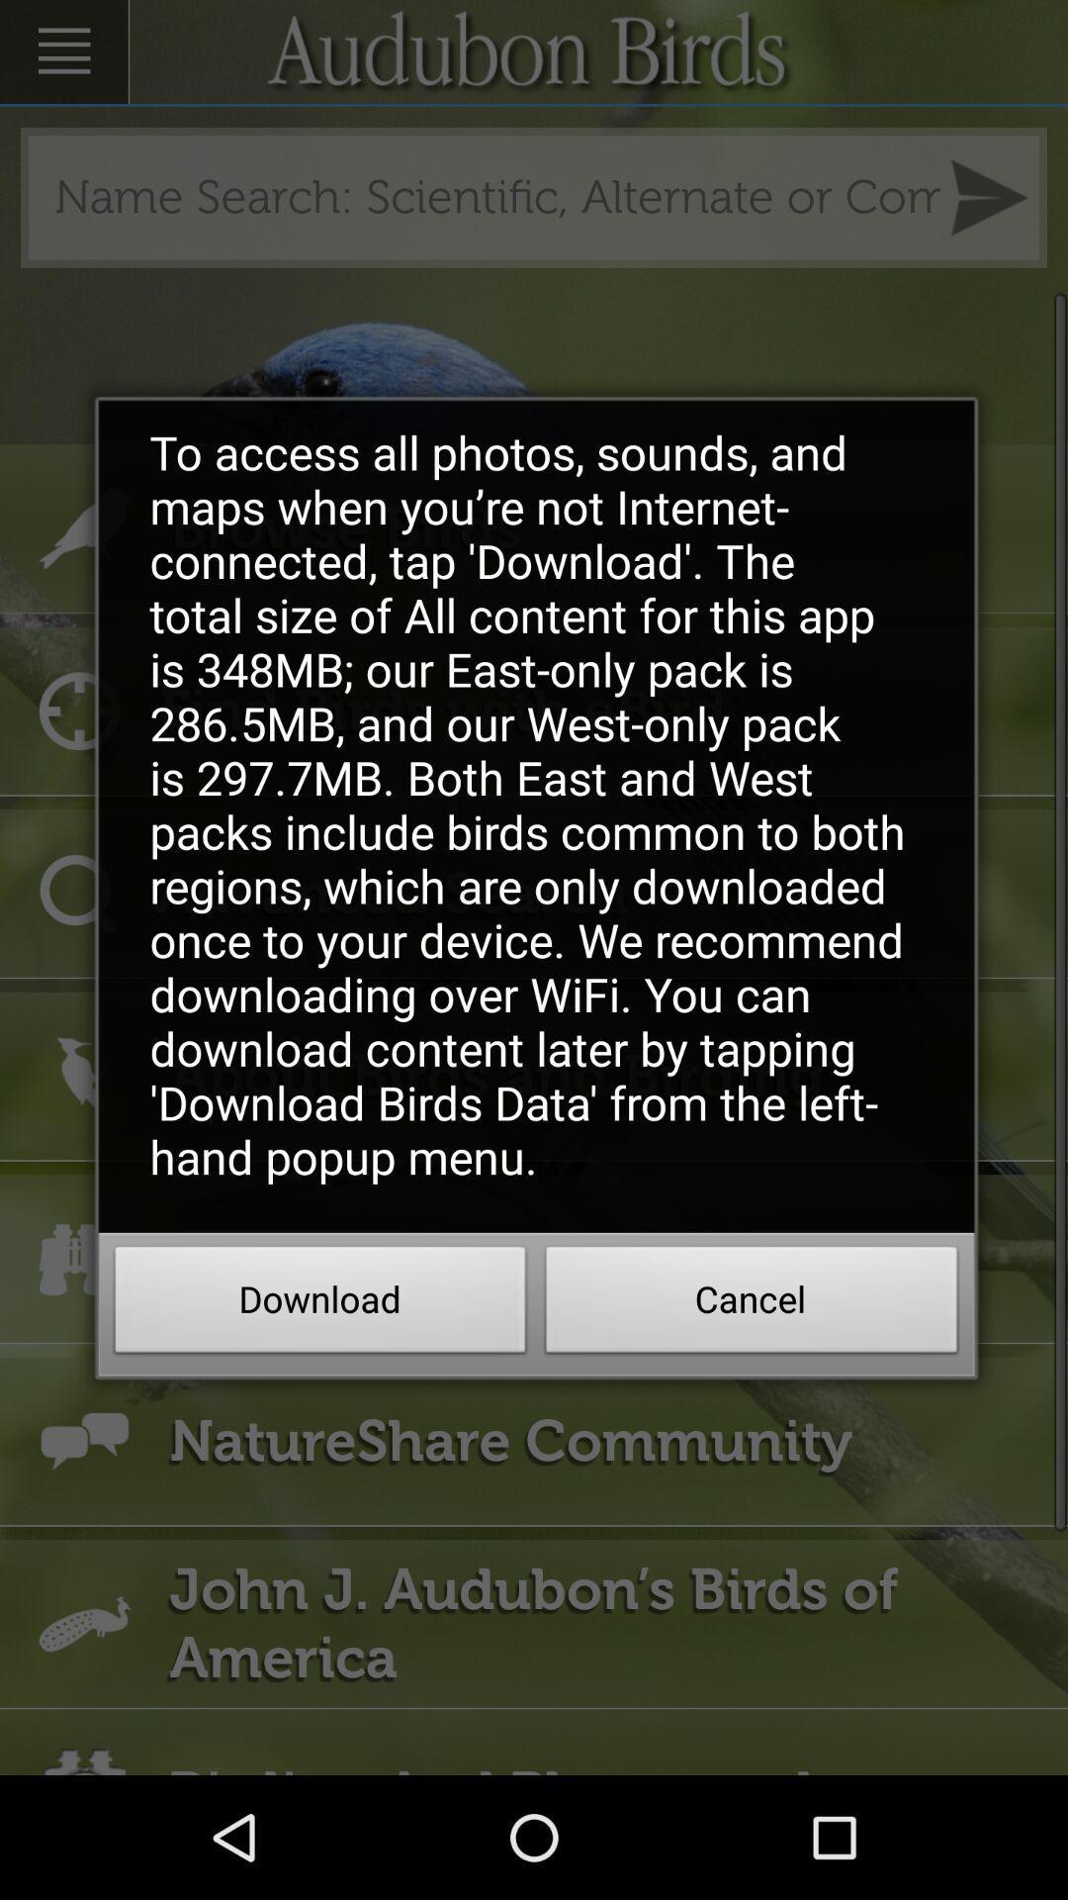 This screenshot has height=1900, width=1068. I want to click on the icon at left side of natureshare community, so click(83, 1442).